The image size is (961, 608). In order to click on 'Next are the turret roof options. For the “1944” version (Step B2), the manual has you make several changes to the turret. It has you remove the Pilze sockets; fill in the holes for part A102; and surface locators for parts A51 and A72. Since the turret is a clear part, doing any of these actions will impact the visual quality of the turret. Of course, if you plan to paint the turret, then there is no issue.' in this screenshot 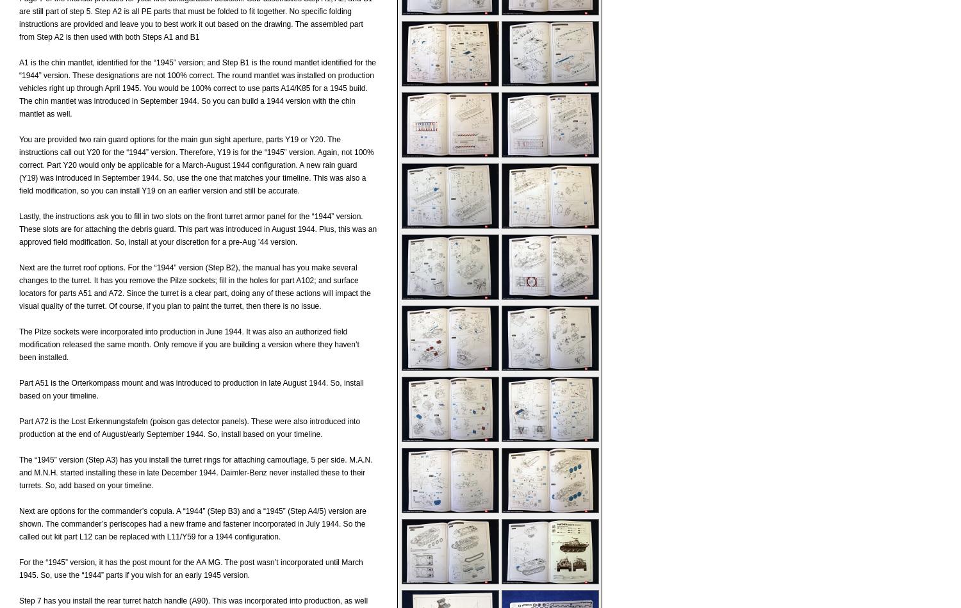, I will do `click(195, 287)`.